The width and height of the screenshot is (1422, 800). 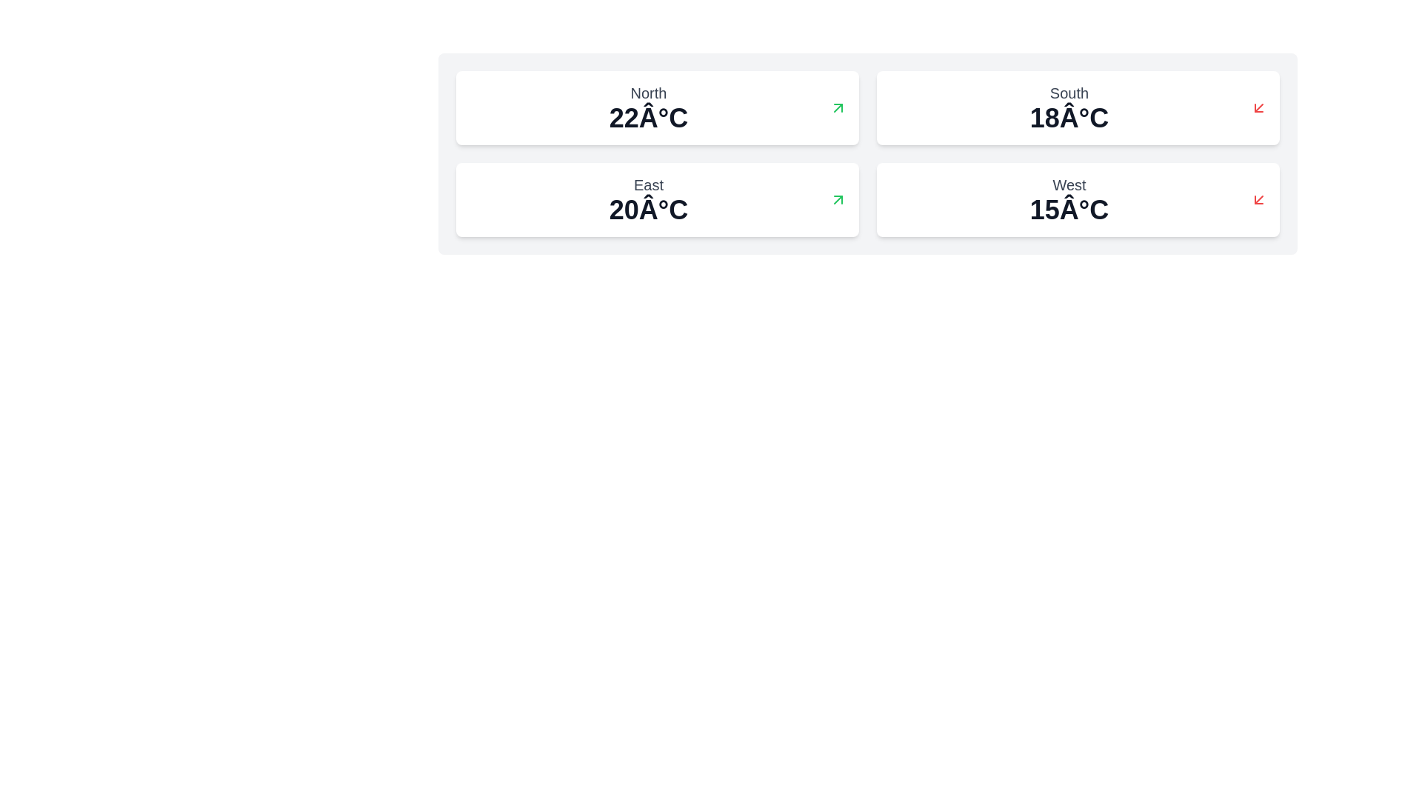 I want to click on displayed temperature from the main display positioned at the bottom of the 'West' card, which is centrally aligned within the card, so click(x=1069, y=210).